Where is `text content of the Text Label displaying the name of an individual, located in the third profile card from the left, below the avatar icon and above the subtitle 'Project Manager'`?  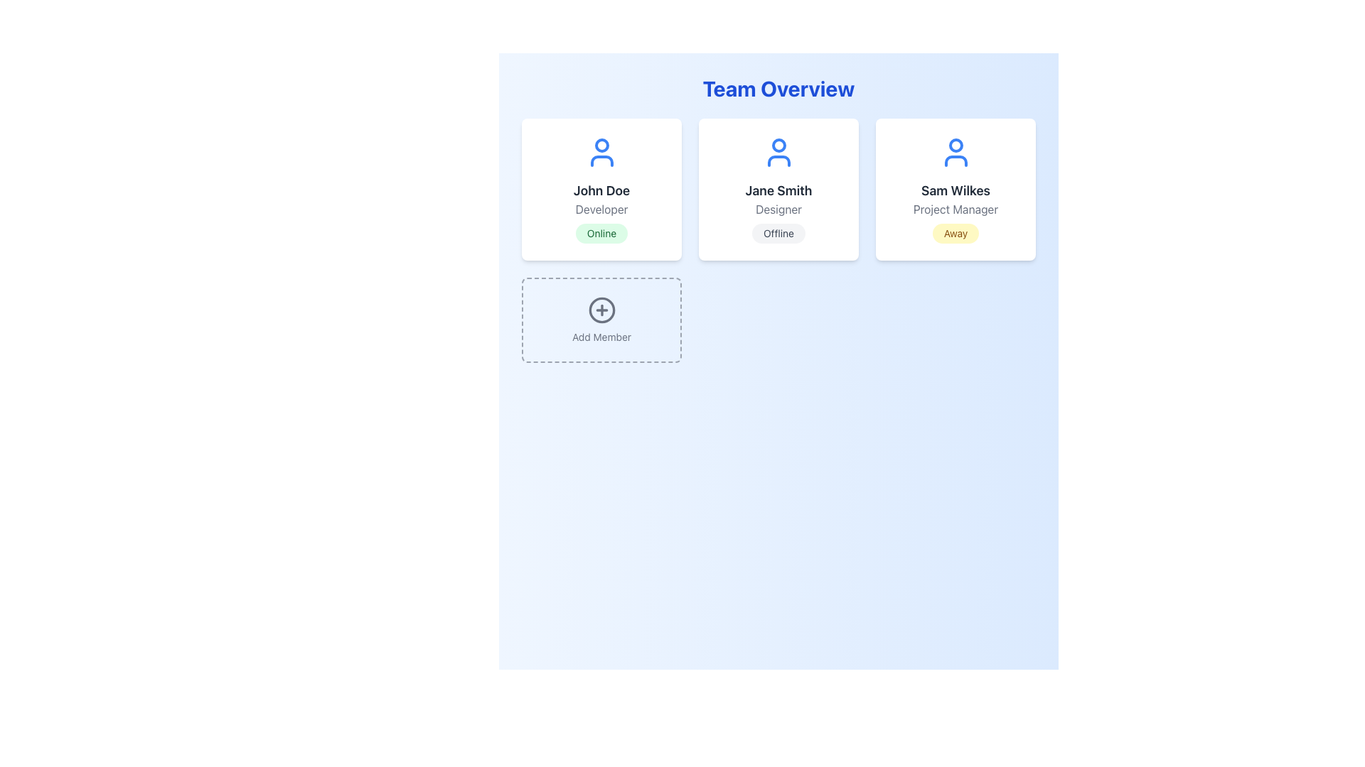
text content of the Text Label displaying the name of an individual, located in the third profile card from the left, below the avatar icon and above the subtitle 'Project Manager' is located at coordinates (955, 190).